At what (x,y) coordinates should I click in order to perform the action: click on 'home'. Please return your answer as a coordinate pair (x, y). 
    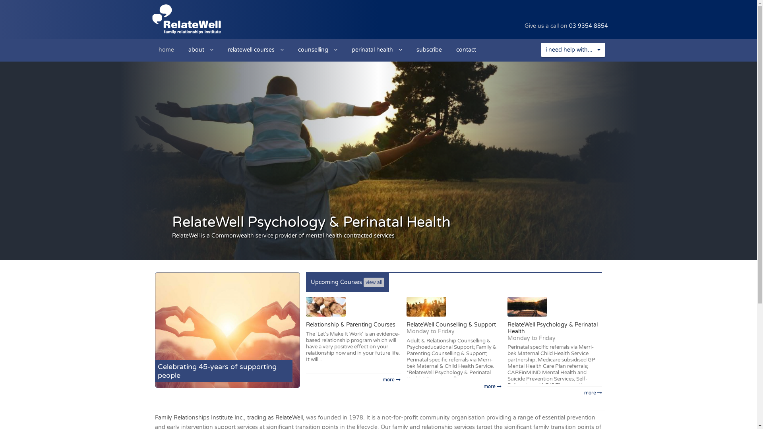
    Looking at the image, I should click on (165, 49).